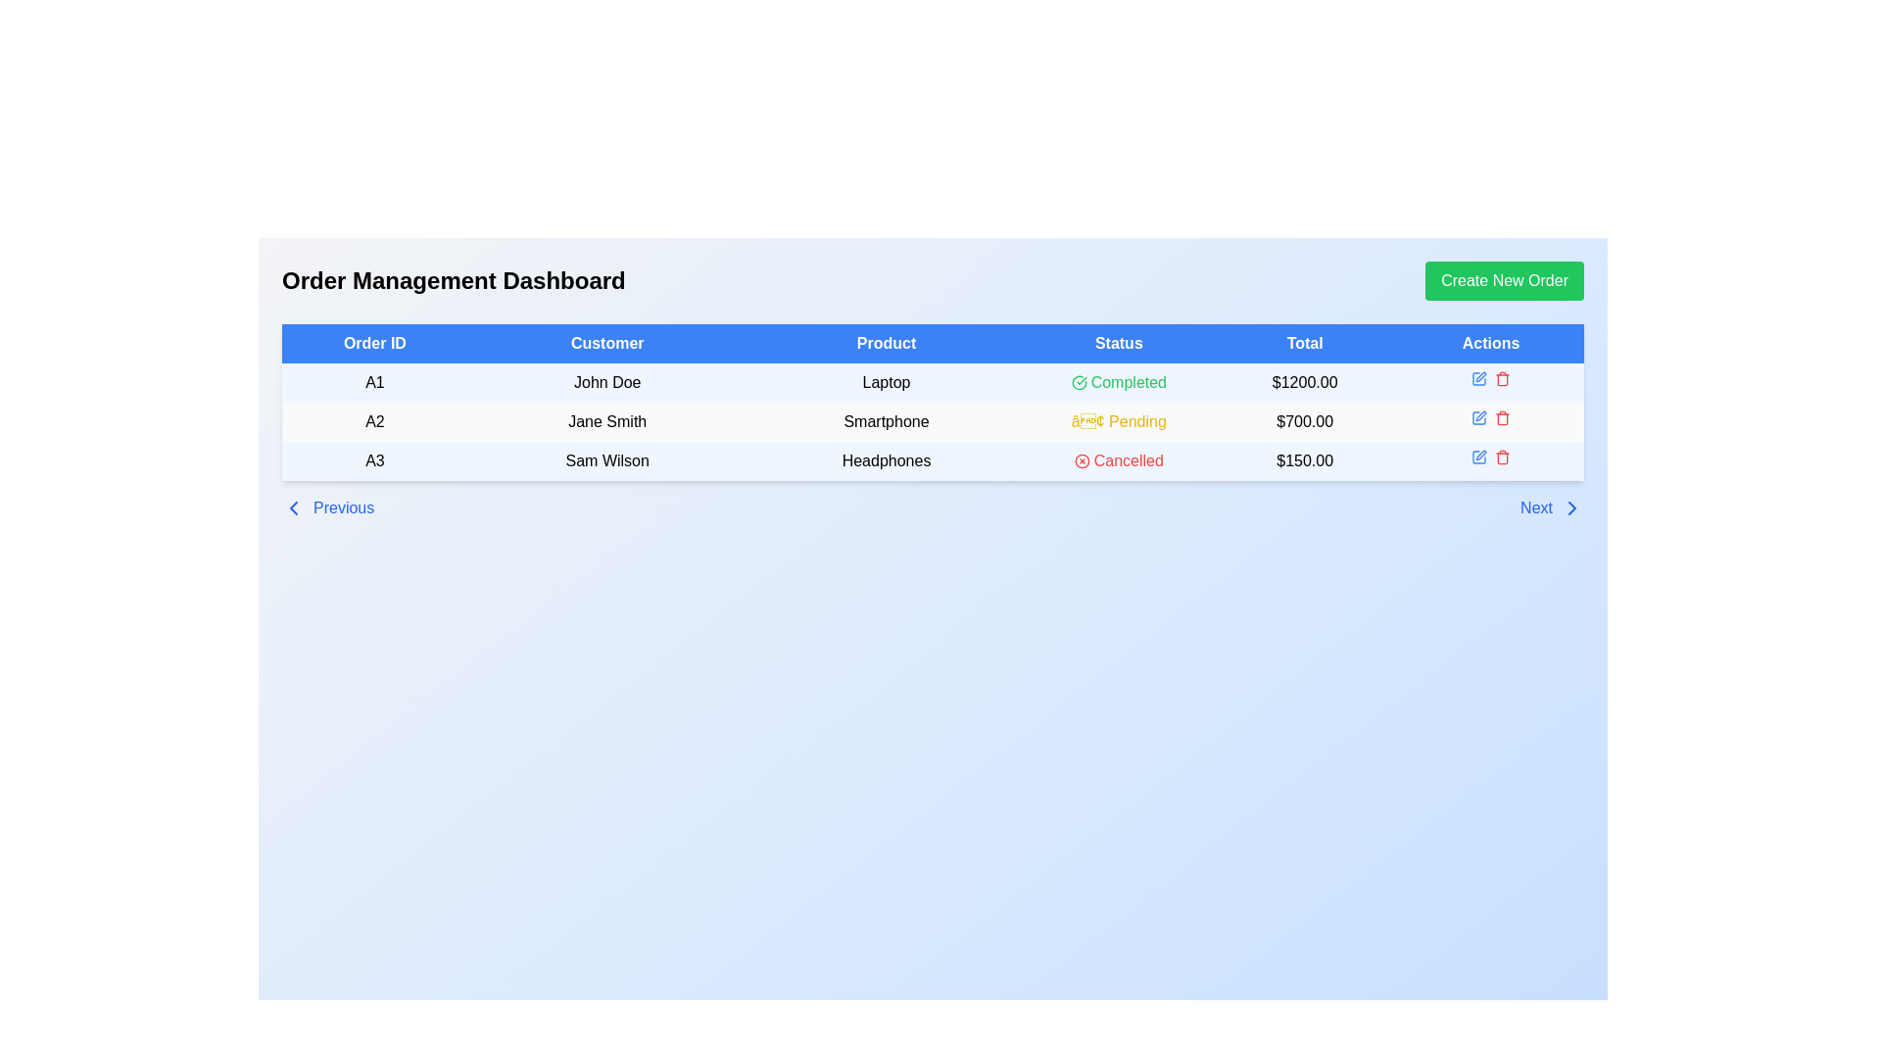  Describe the element at coordinates (606, 460) in the screenshot. I see `the text label displaying 'Sam Wilson' located in the 'Customer' column of the third row in the table, positioned between the 'Order ID' cell ('A3') and the 'Product' cell ('Headphones')` at that location.